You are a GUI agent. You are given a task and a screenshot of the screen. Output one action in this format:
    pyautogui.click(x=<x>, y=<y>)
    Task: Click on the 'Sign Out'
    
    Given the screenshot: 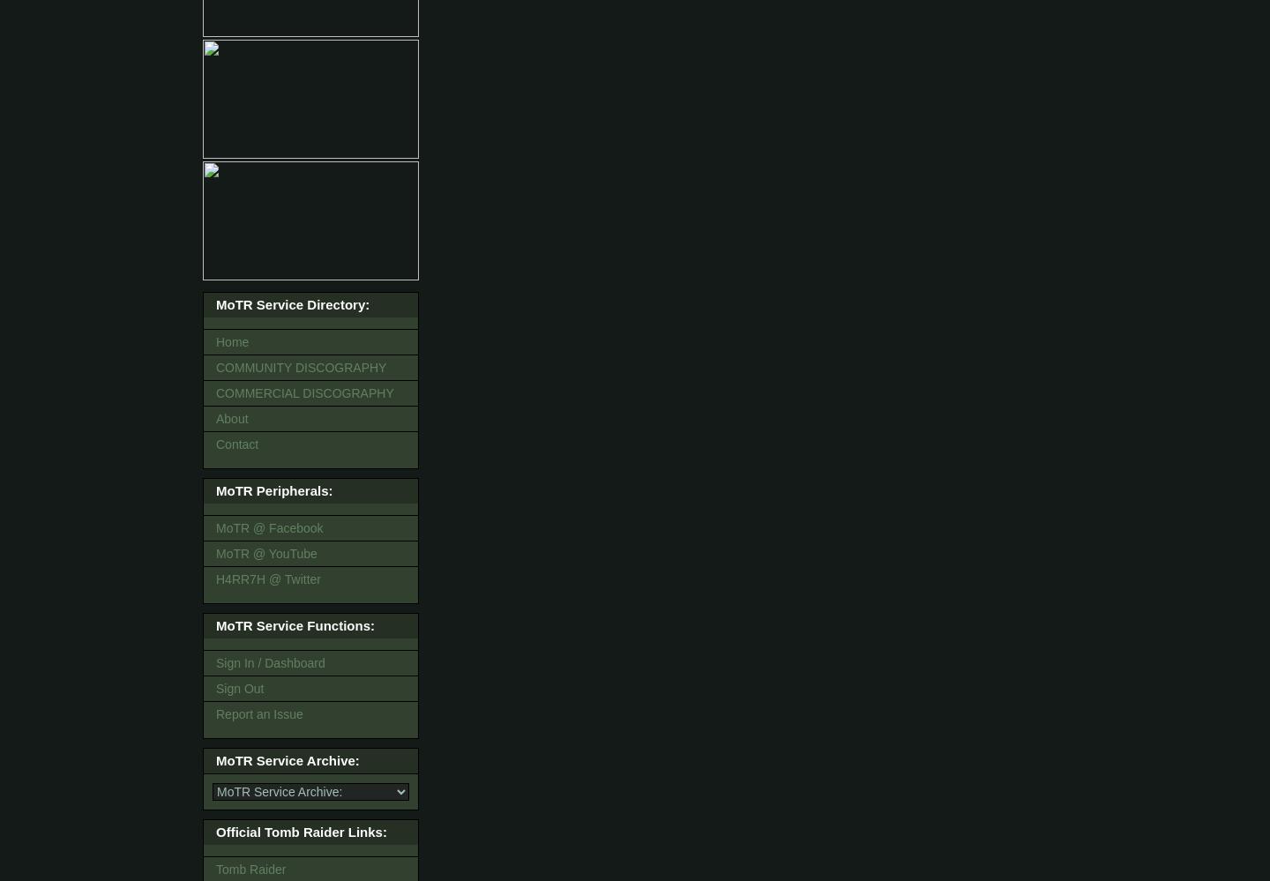 What is the action you would take?
    pyautogui.click(x=239, y=689)
    